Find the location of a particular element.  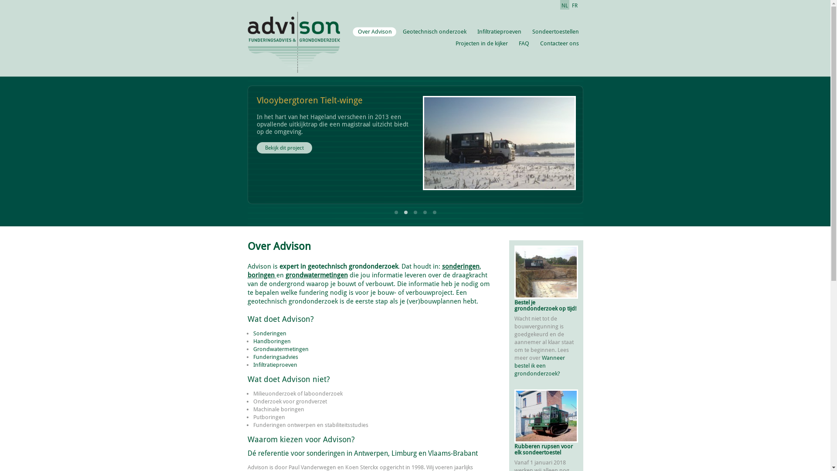

'Over Advison' is located at coordinates (374, 31).